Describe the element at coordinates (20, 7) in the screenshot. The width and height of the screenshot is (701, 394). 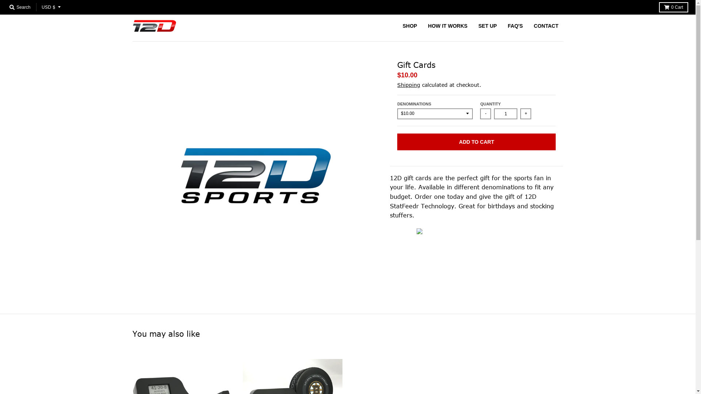
I see `'Search'` at that location.